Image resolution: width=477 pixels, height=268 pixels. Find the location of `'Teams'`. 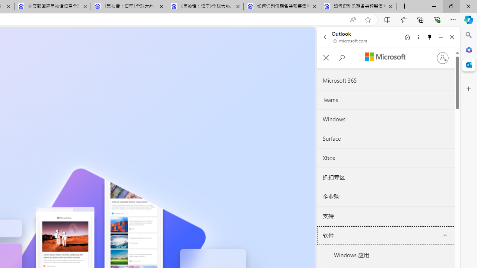

'Teams' is located at coordinates (385, 100).